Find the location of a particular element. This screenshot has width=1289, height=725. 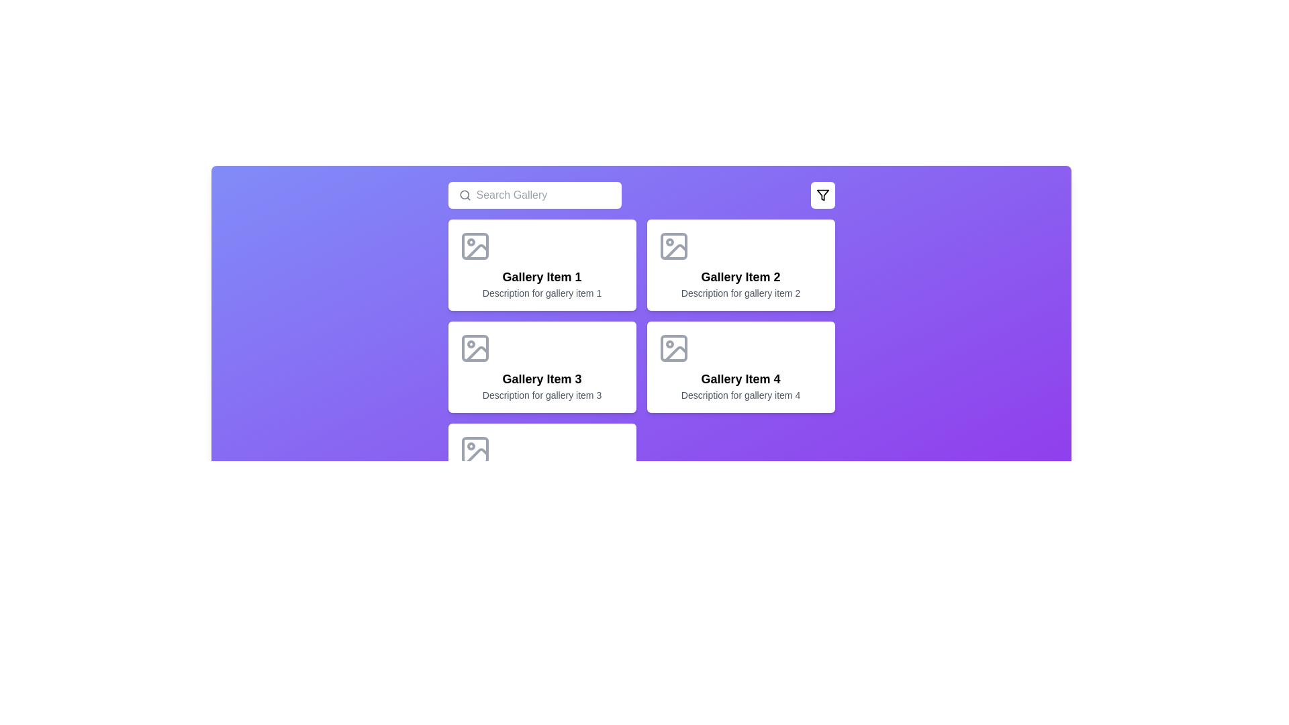

the text input field for search queries located is located at coordinates (543, 195).